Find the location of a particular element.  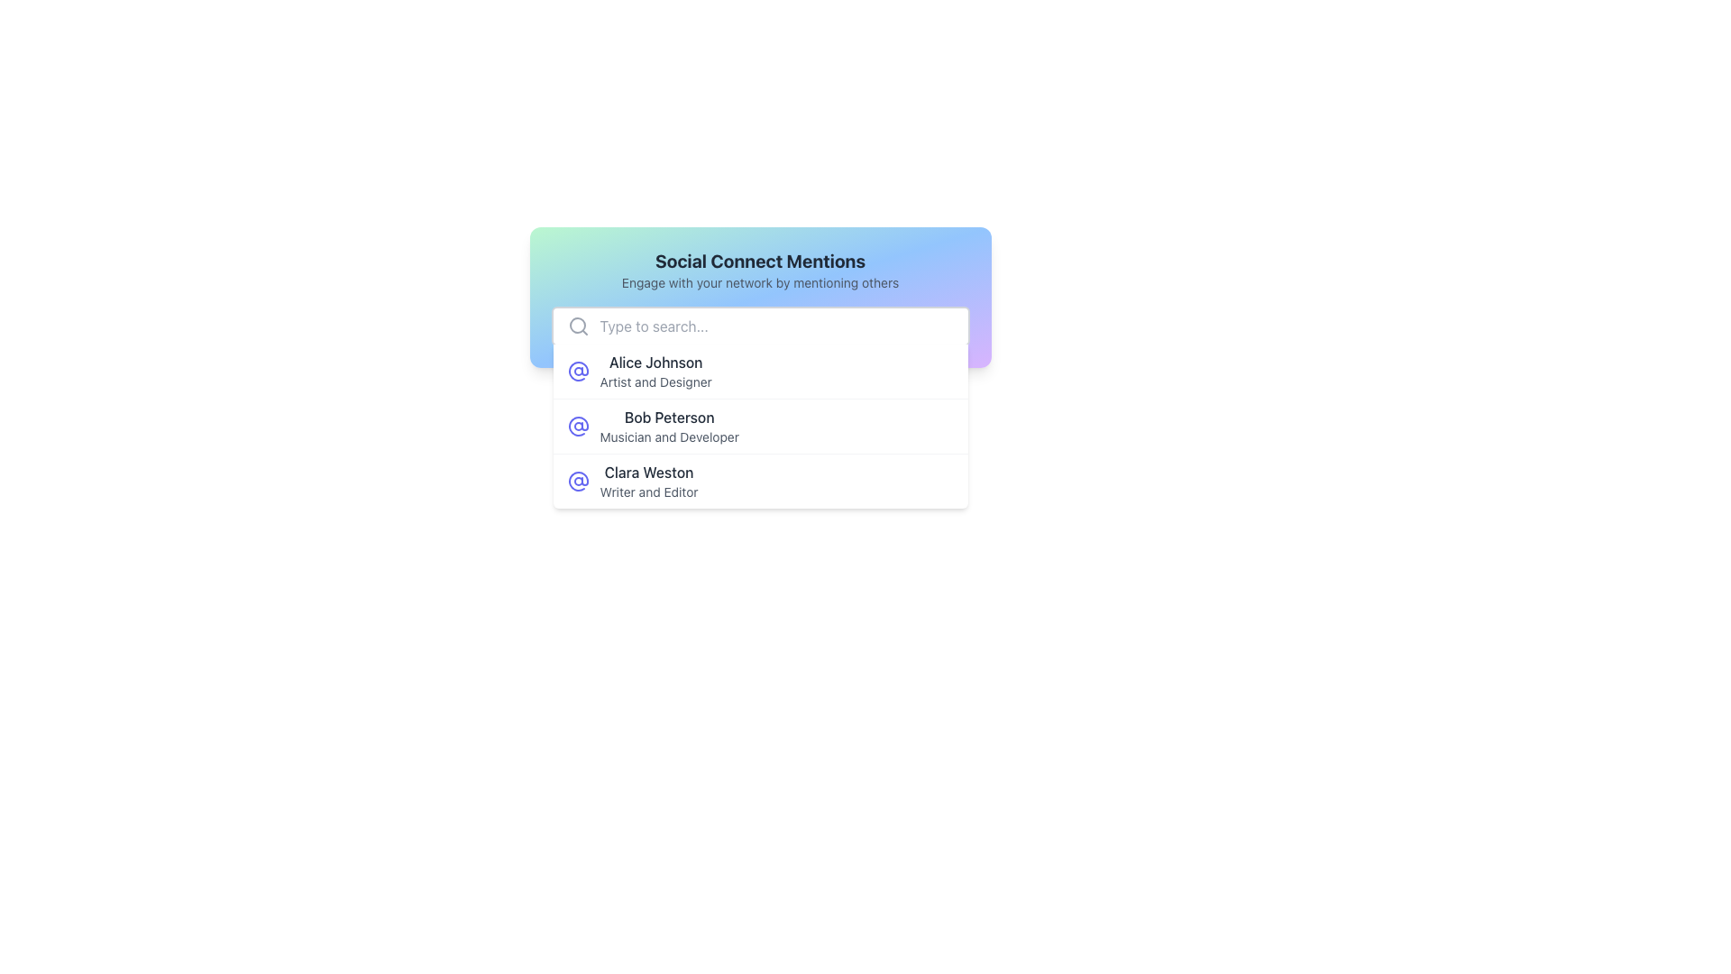

the indigo '@' icon representing email or mention functionality next to 'Bob Peterson Musician and Developer' is located at coordinates (578, 427).